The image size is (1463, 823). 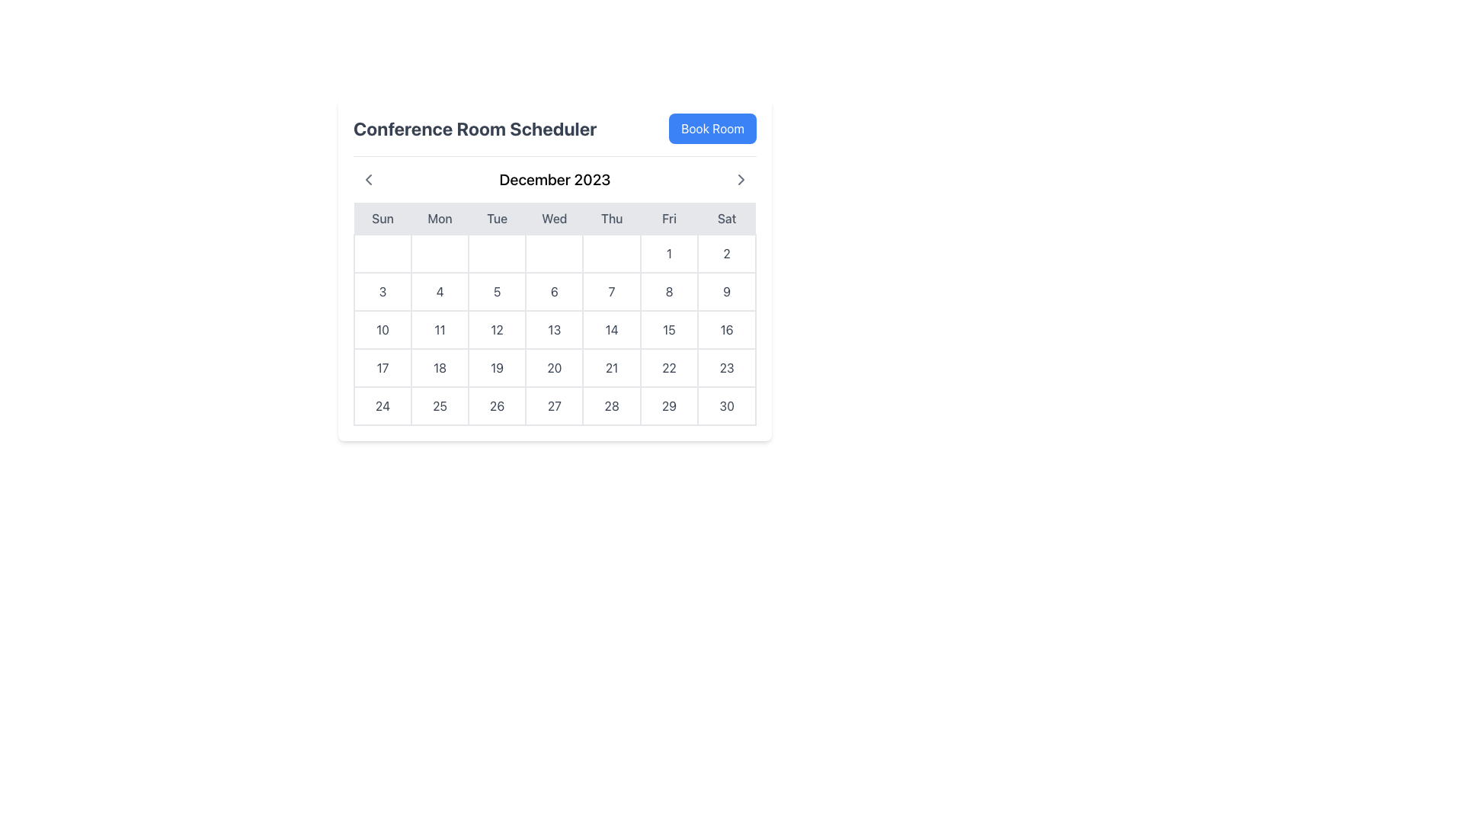 I want to click on the selectable calendar date button representing the date '12', so click(x=497, y=328).